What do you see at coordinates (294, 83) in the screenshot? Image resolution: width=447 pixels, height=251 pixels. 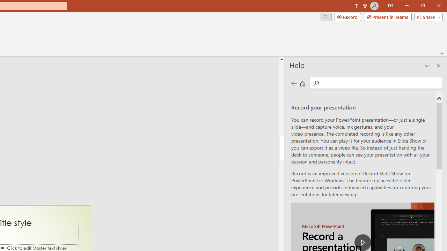 I see `'Previous page'` at bounding box center [294, 83].